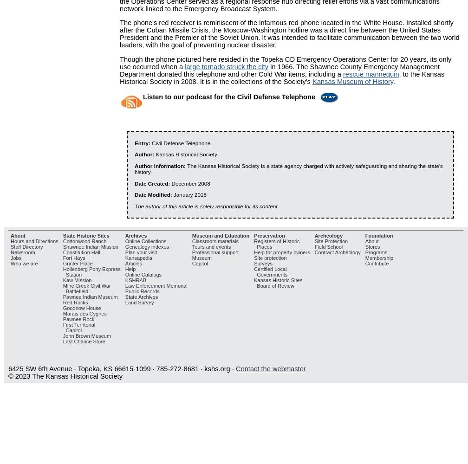  Describe the element at coordinates (282, 78) in the screenshot. I see `', to the Kansas Historical Society in 2008. It is in the collections of the Society's'` at that location.